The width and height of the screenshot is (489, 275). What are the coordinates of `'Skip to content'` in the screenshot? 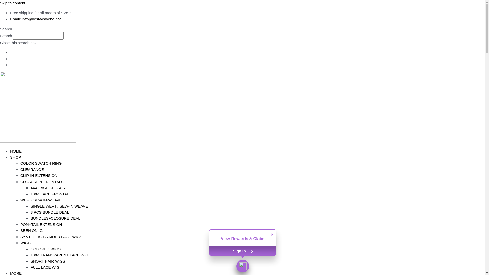 It's located at (12, 3).